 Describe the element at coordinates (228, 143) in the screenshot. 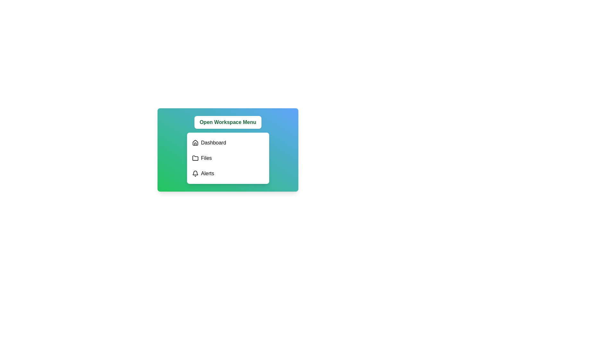

I see `the menu item Dashboard to select it` at that location.